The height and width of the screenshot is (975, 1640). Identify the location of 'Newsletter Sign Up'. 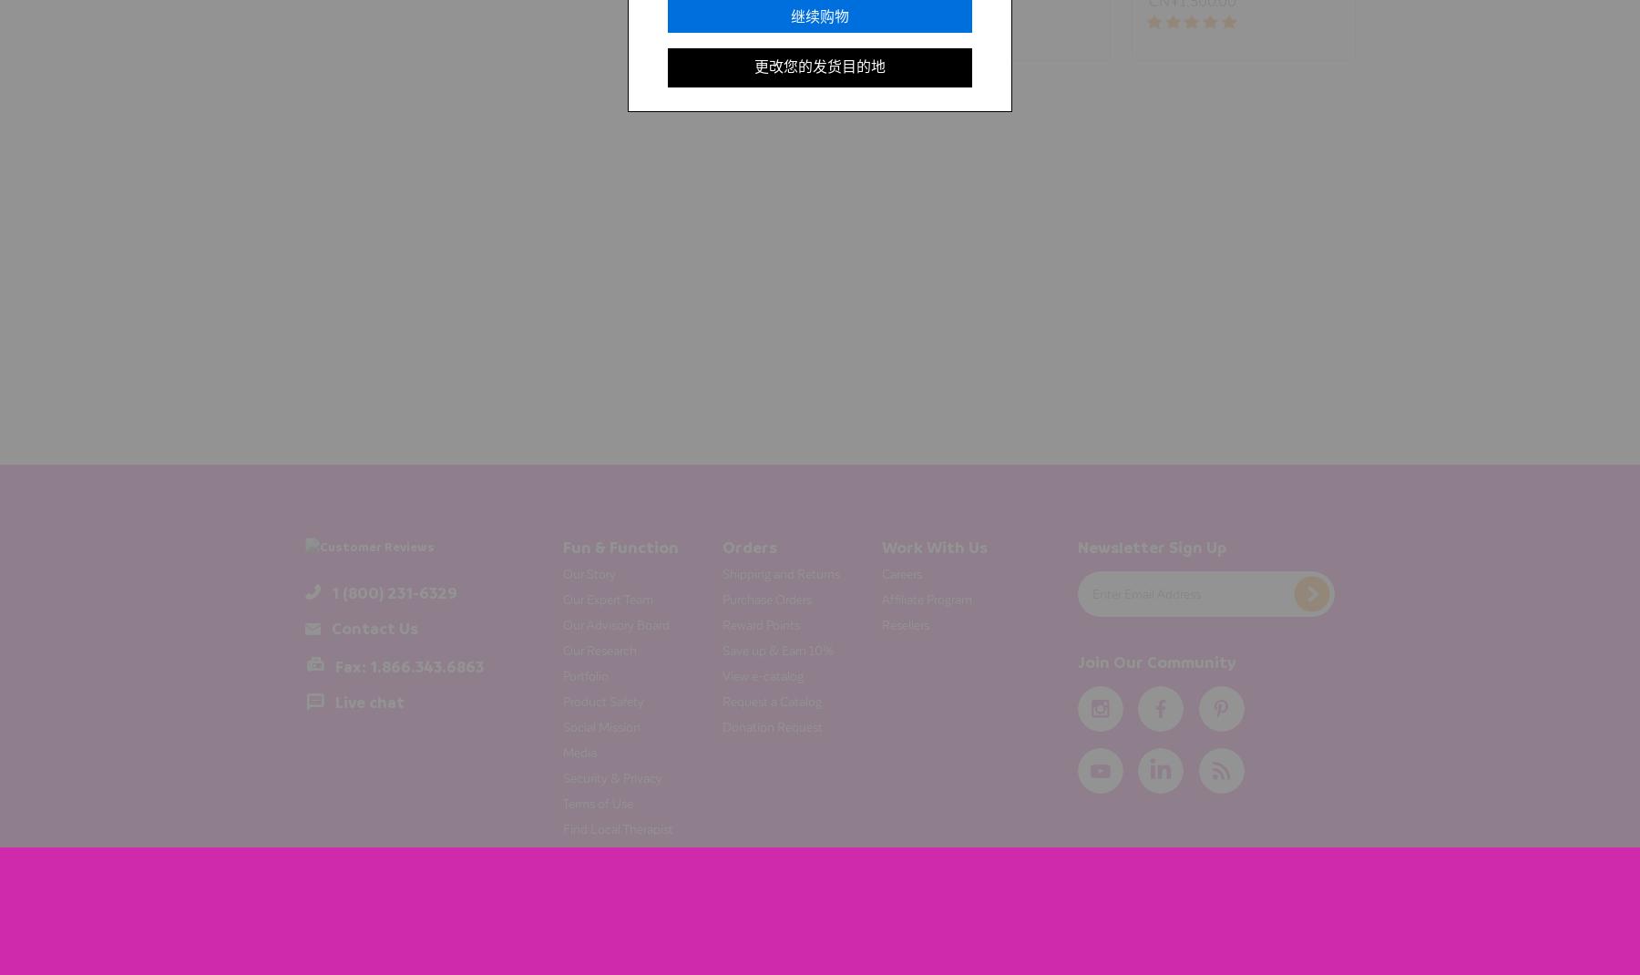
(1076, 545).